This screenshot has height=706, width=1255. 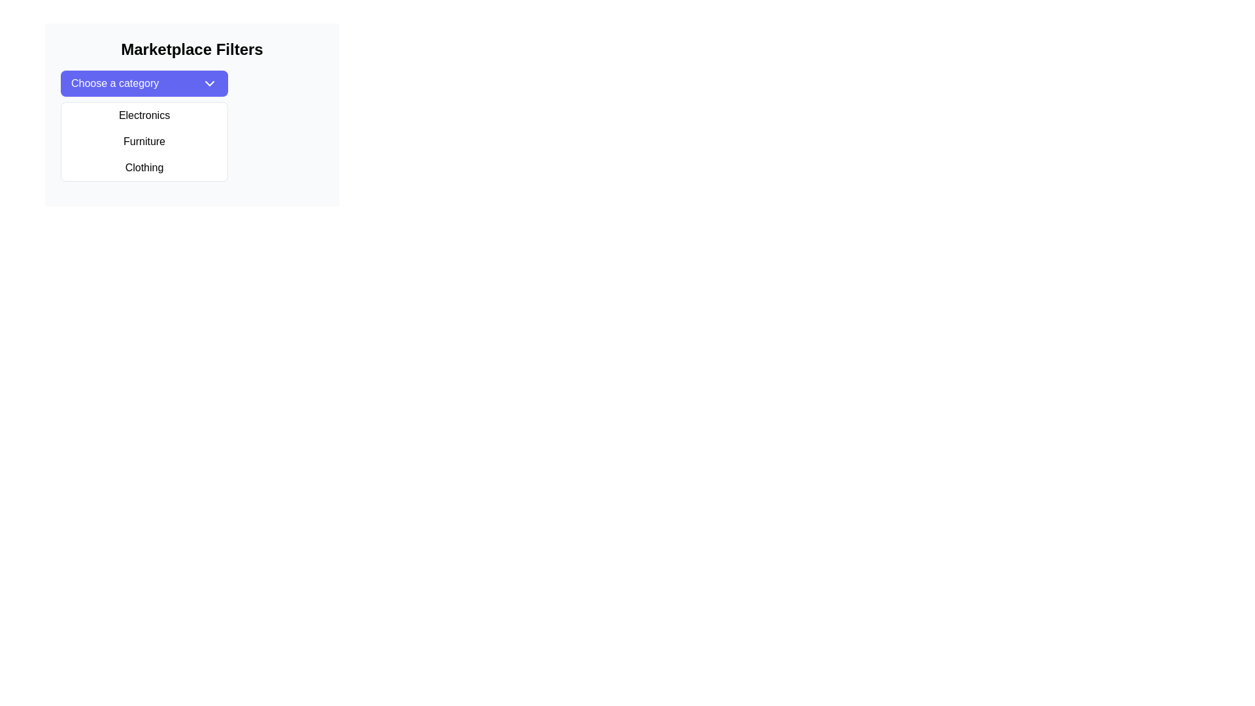 I want to click on the first item in the dropdown menu for category selection, which allows the user to choose 'Electronics' as the selected category, so click(x=144, y=115).